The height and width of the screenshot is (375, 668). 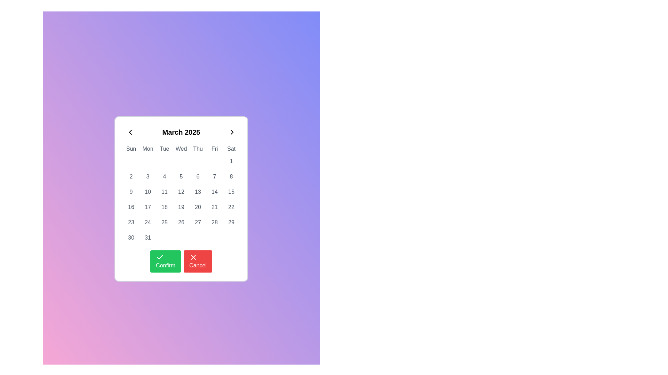 I want to click on the calendar date element displaying the number '7', so click(x=214, y=176).